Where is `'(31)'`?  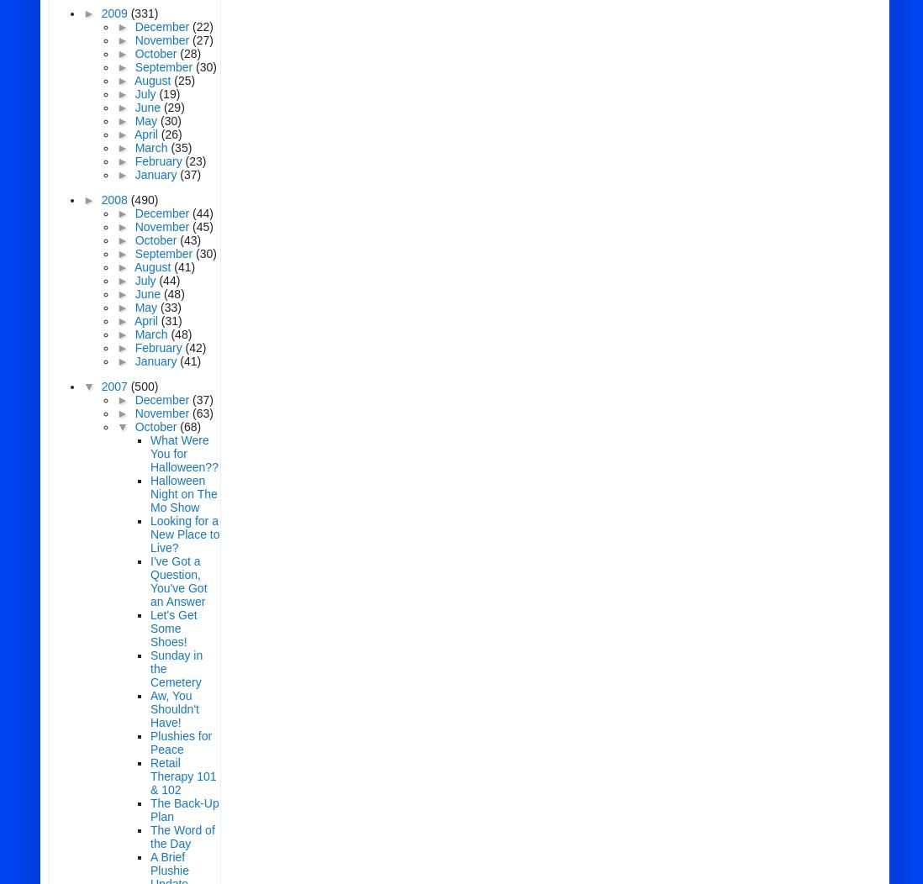
'(31)' is located at coordinates (160, 320).